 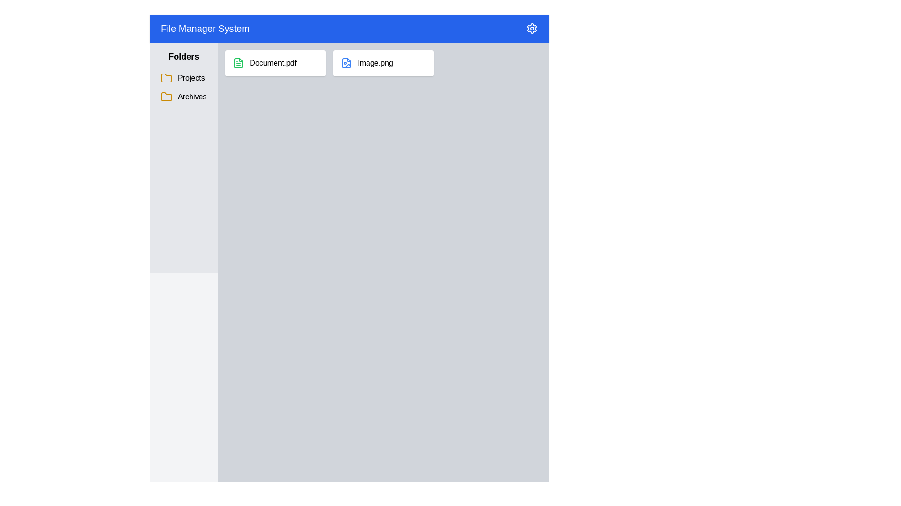 What do you see at coordinates (532, 28) in the screenshot?
I see `the gear-shaped icon button with a blue background and white outlines located in the top-right corner of the blue header bar` at bounding box center [532, 28].